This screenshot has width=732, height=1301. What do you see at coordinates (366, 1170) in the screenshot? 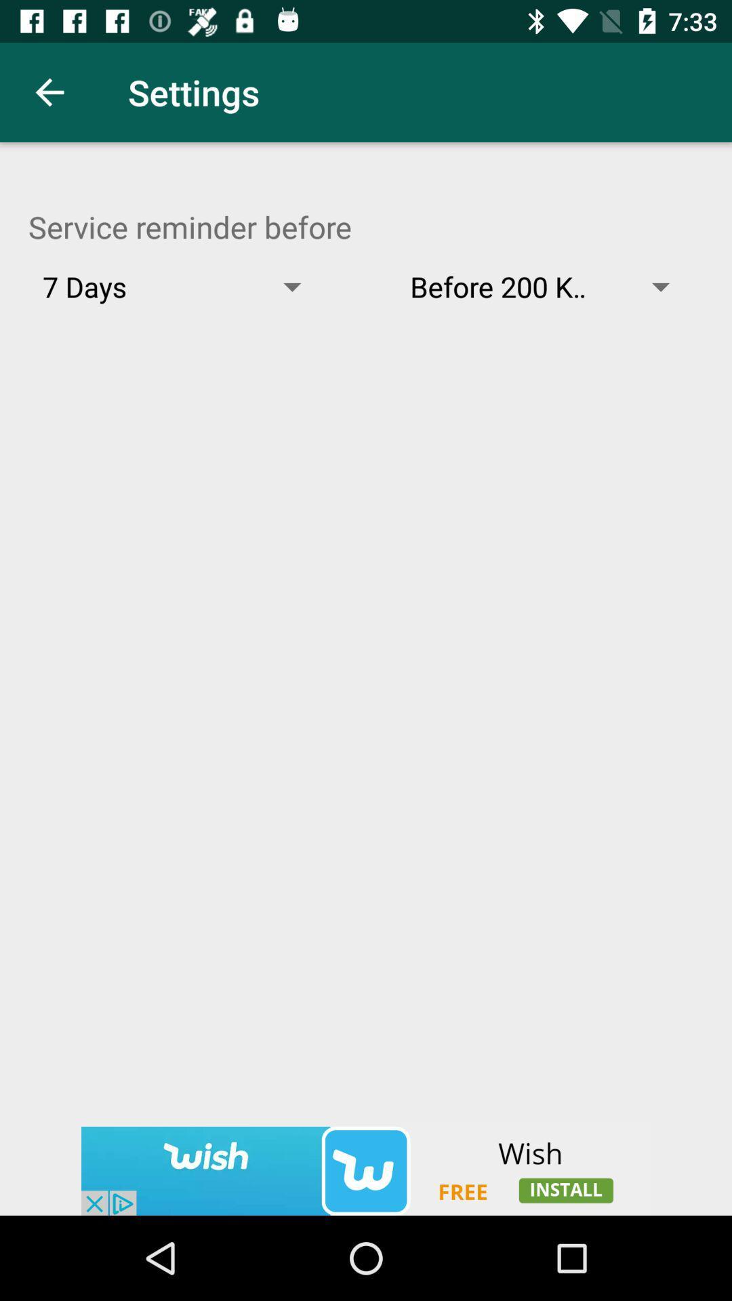
I see `banner` at bounding box center [366, 1170].